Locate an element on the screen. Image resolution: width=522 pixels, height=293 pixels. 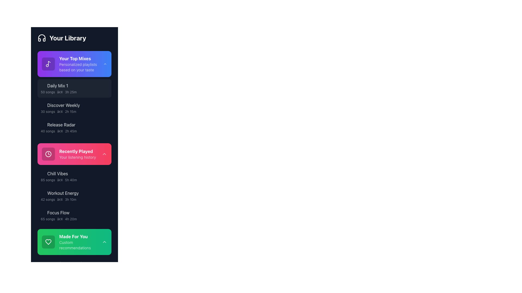
the play button of the Interactive Playlist Item labeled 'Chill Vibes' located in the 'Recently Played' section is located at coordinates (72, 174).